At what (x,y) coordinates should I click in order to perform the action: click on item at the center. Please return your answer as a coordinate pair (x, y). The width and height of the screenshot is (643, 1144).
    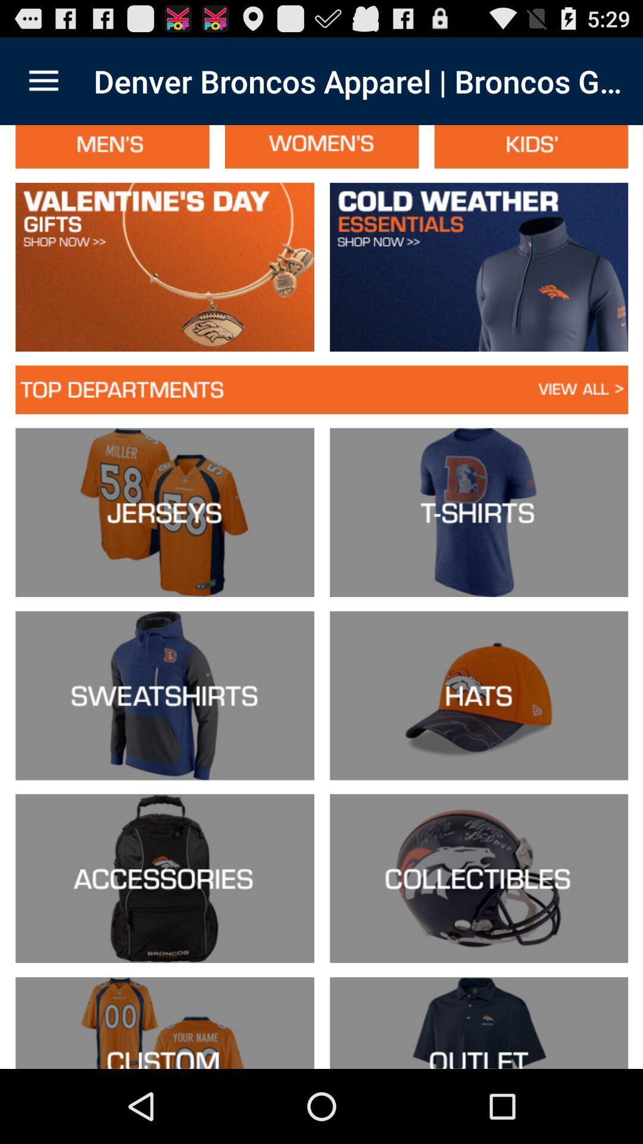
    Looking at the image, I should click on (321, 597).